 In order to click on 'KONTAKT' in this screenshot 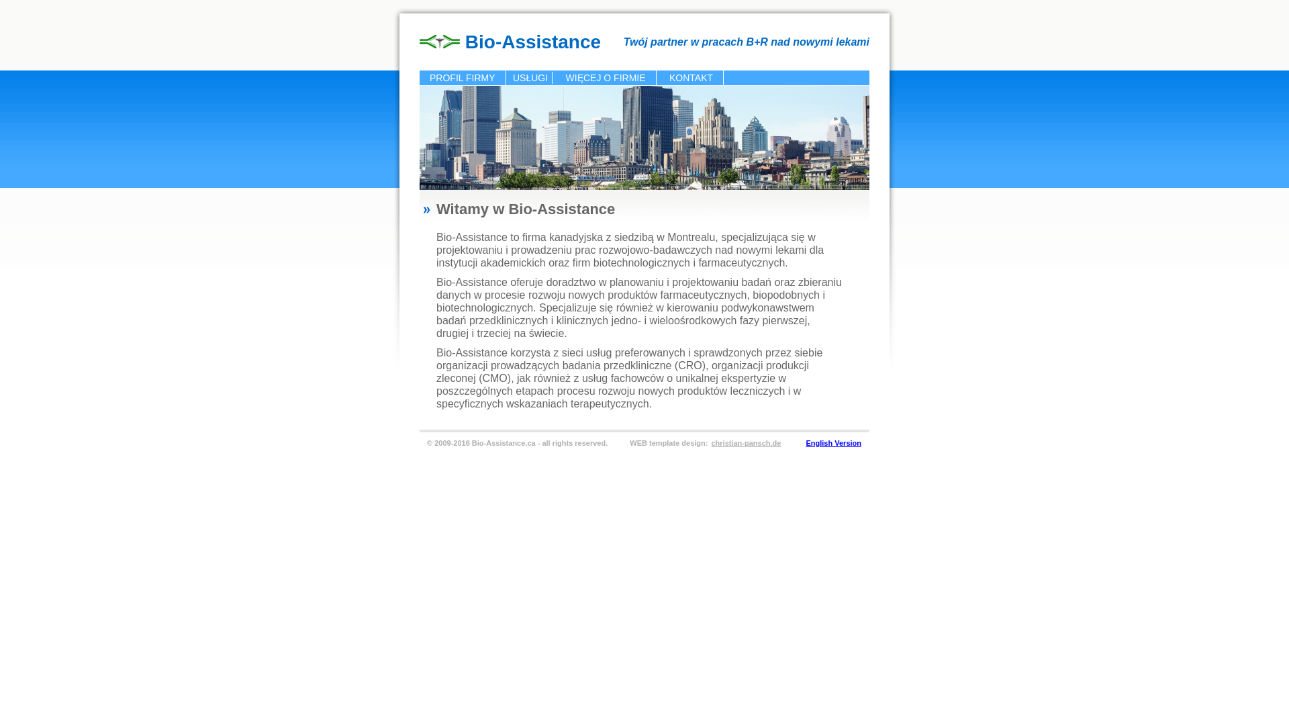, I will do `click(691, 77)`.